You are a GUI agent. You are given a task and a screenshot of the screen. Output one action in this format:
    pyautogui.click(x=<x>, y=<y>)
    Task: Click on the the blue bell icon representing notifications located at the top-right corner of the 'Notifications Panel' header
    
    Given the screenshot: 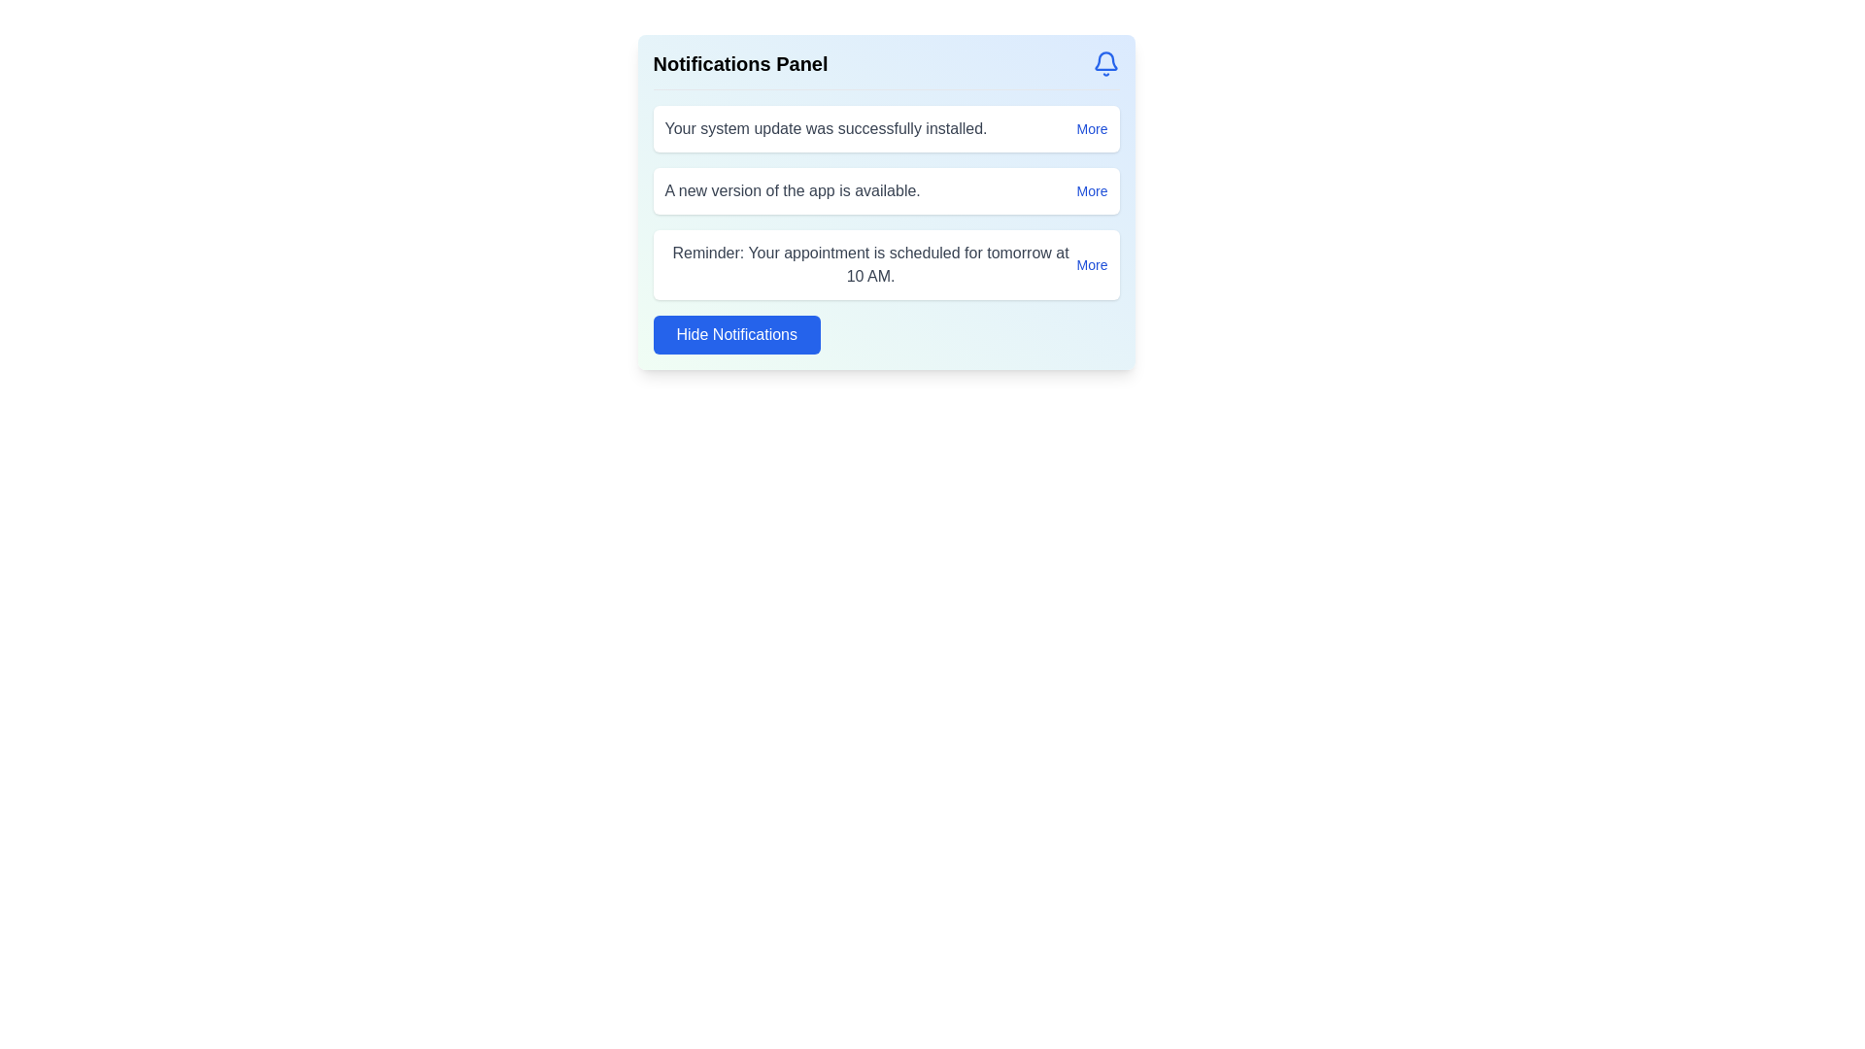 What is the action you would take?
    pyautogui.click(x=1105, y=62)
    